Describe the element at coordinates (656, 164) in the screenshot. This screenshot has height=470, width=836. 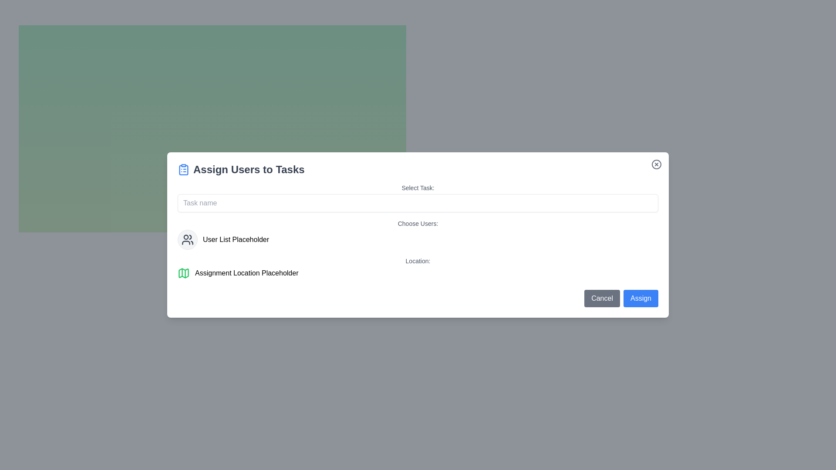
I see `the circular gray button with a cross icon inside` at that location.